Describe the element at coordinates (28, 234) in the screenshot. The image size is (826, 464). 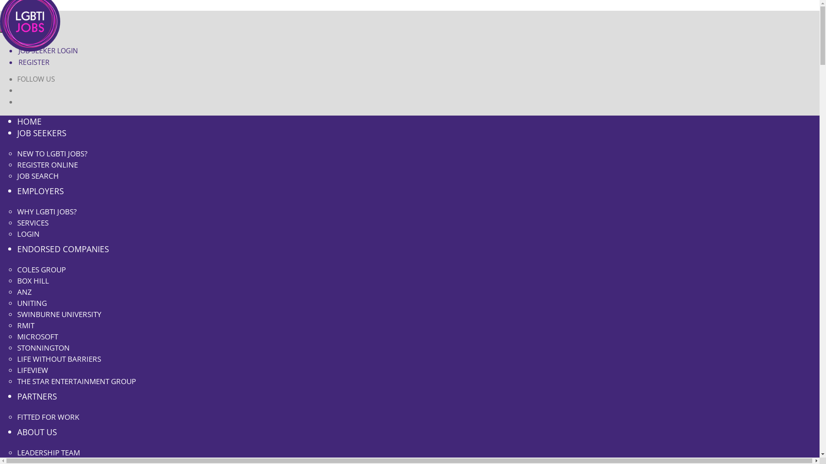
I see `'LOGIN'` at that location.